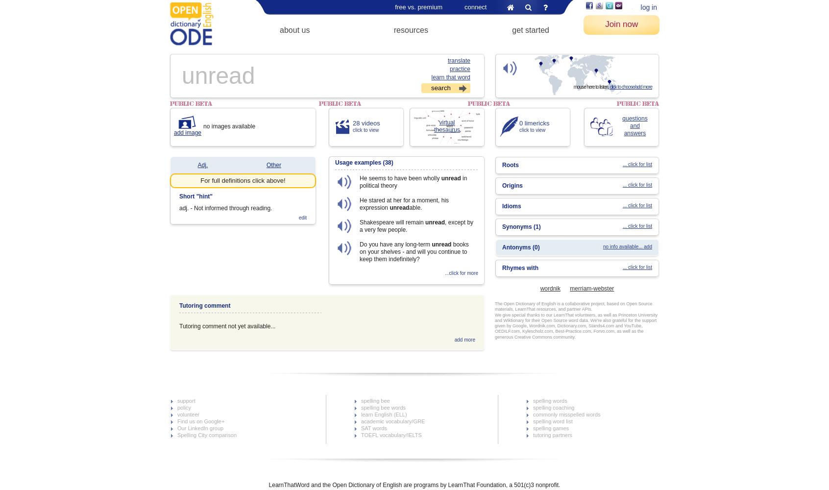  Describe the element at coordinates (302, 217) in the screenshot. I see `'edit'` at that location.